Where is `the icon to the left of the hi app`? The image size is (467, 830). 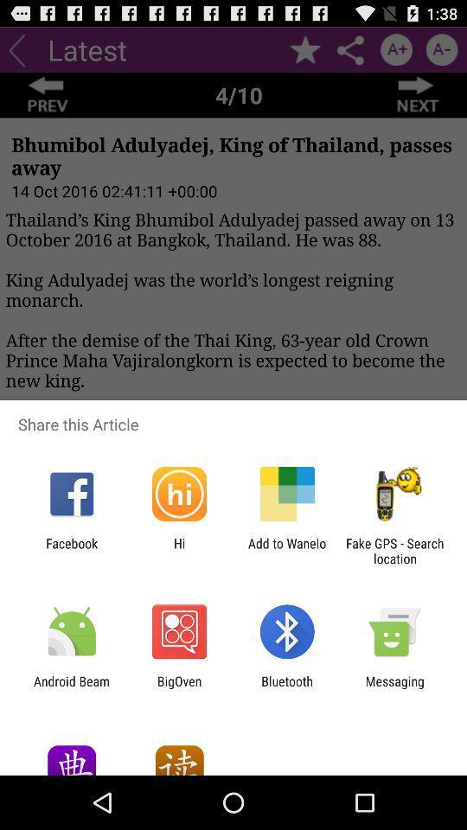
the icon to the left of the hi app is located at coordinates (71, 550).